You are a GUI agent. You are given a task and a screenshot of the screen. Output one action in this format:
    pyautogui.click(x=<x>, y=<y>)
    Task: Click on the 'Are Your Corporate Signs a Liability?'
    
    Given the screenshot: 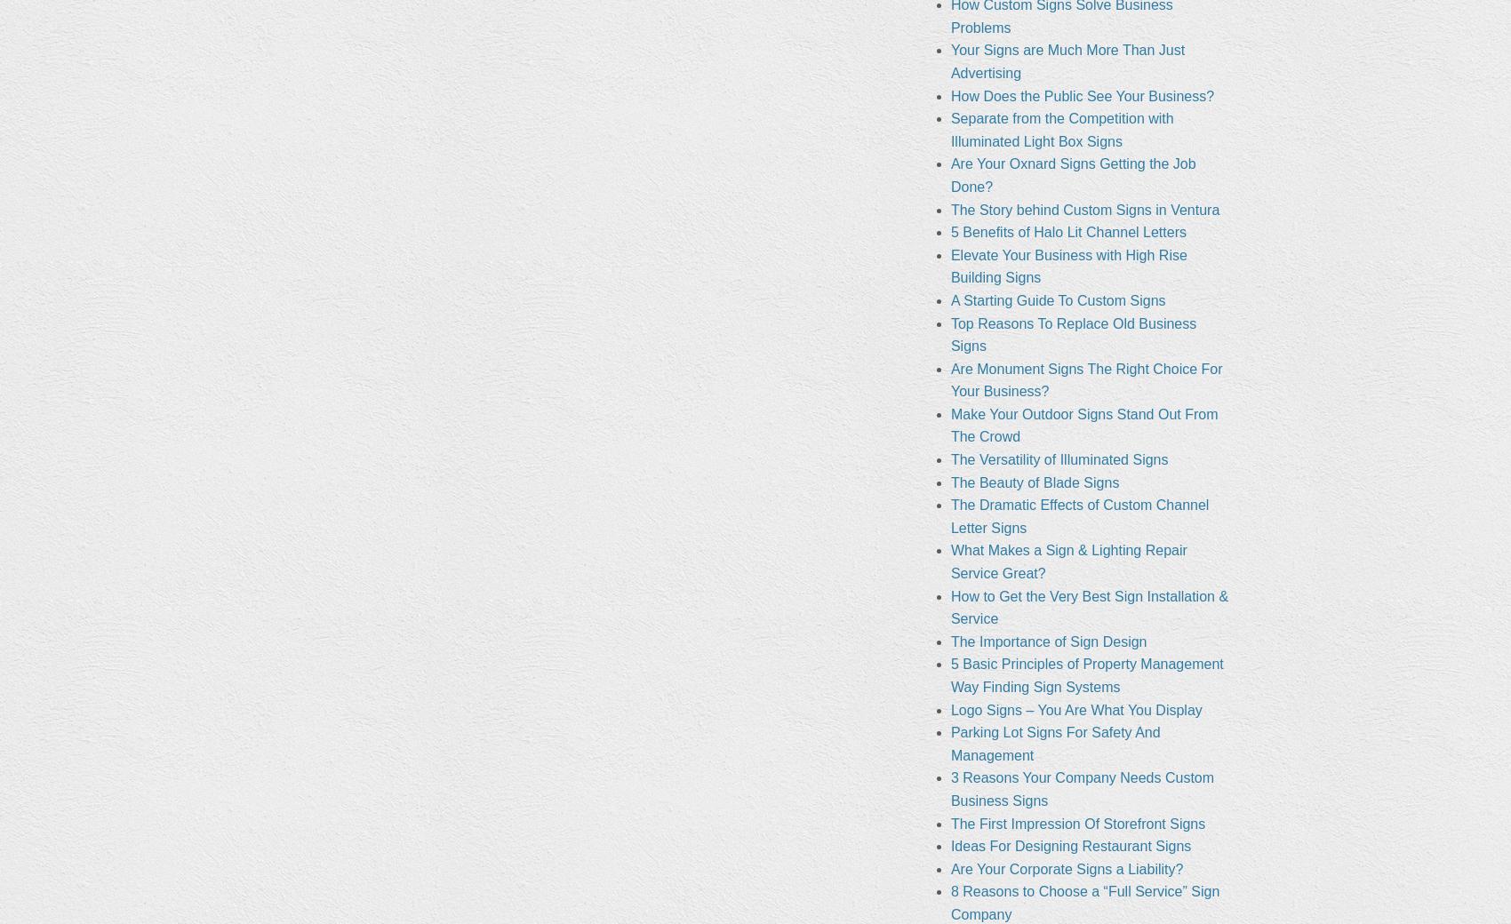 What is the action you would take?
    pyautogui.click(x=1066, y=868)
    